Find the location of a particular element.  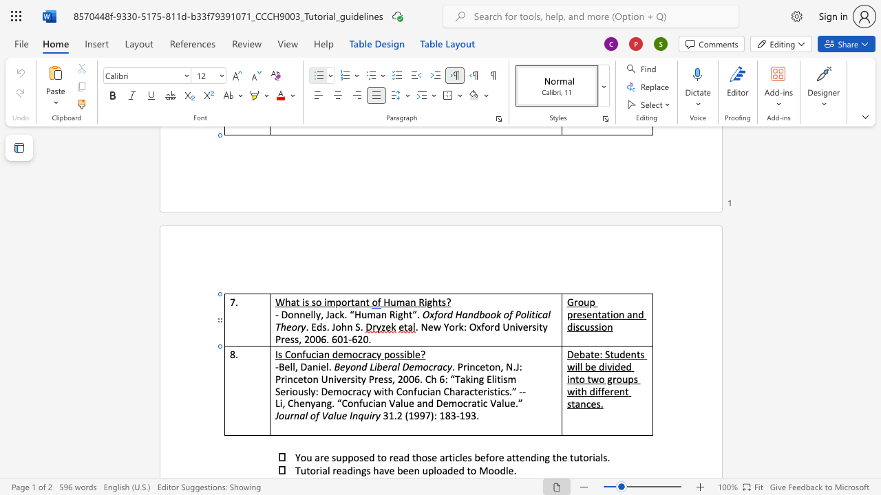

the space between the continuous character "o" and "r" in the text is located at coordinates (346, 301).